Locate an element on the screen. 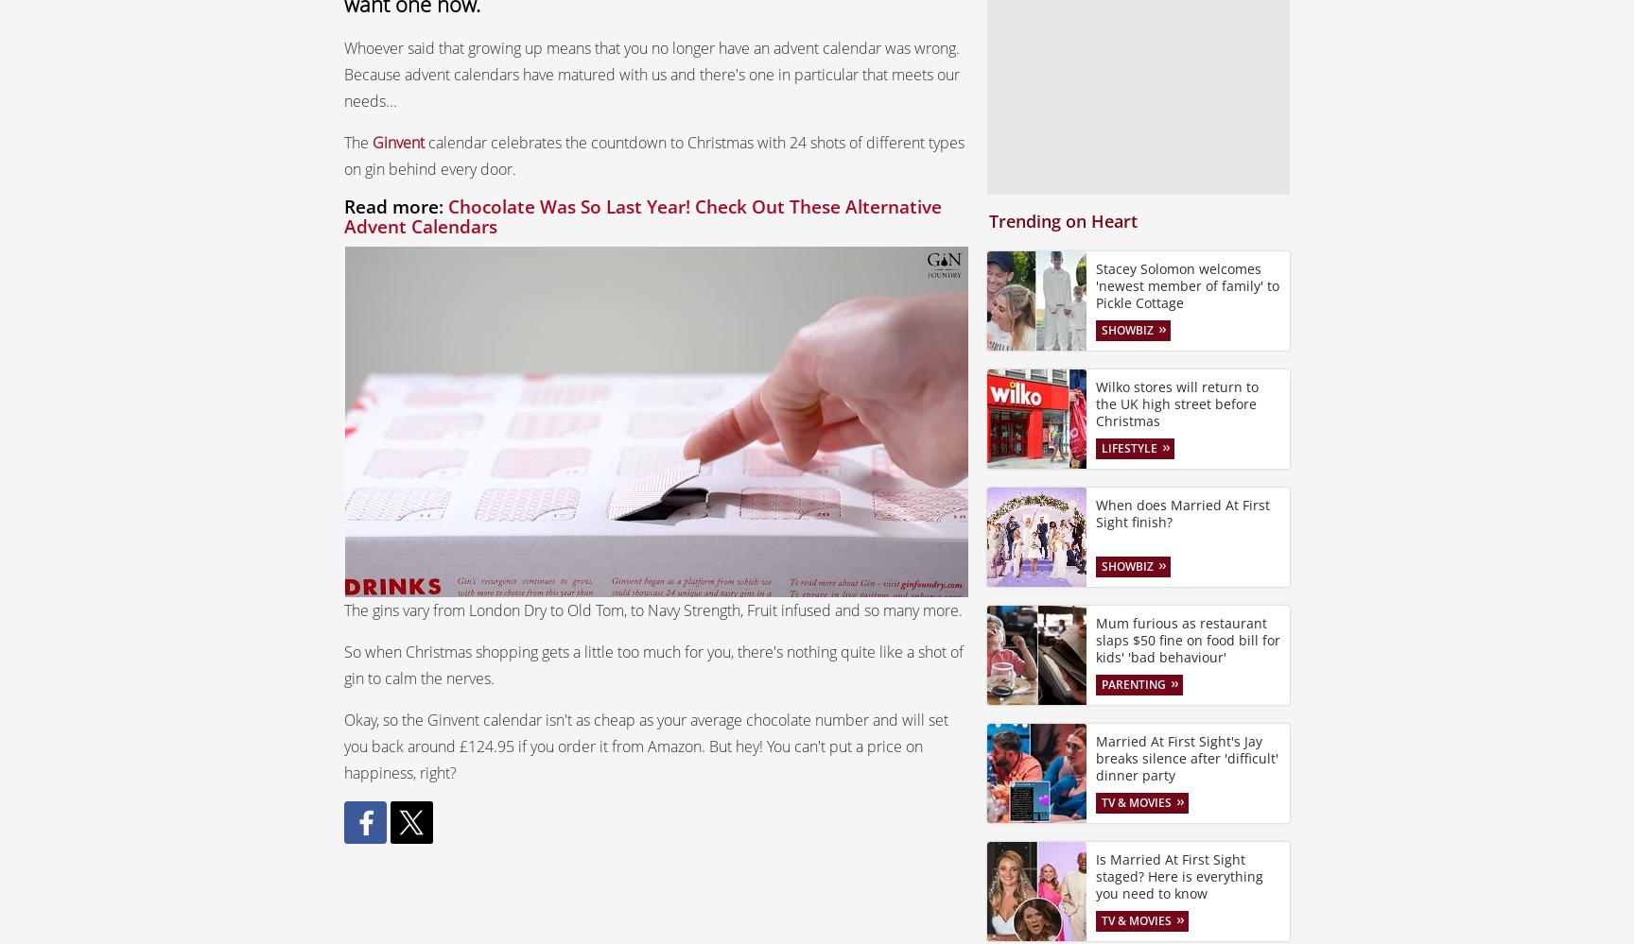 The image size is (1634, 944). 'When does Married At First Sight finish?' is located at coordinates (1095, 511).